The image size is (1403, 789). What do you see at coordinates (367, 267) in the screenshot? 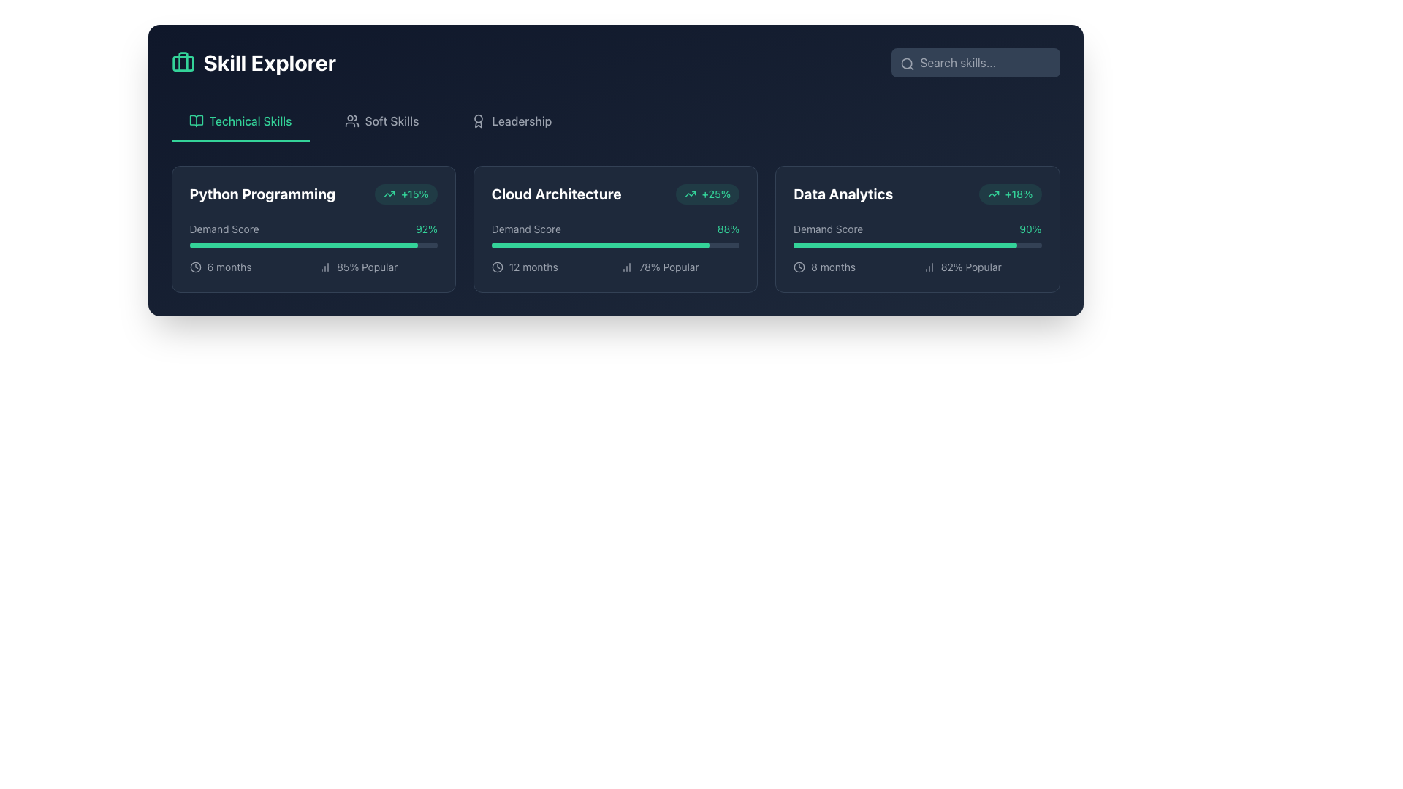
I see `displayed information of the text label showing '85% Popular', which is located in the 'Python Programming' section under the 'Technical Skills' tab, below a progress bar and next to a bar chart icon` at bounding box center [367, 267].